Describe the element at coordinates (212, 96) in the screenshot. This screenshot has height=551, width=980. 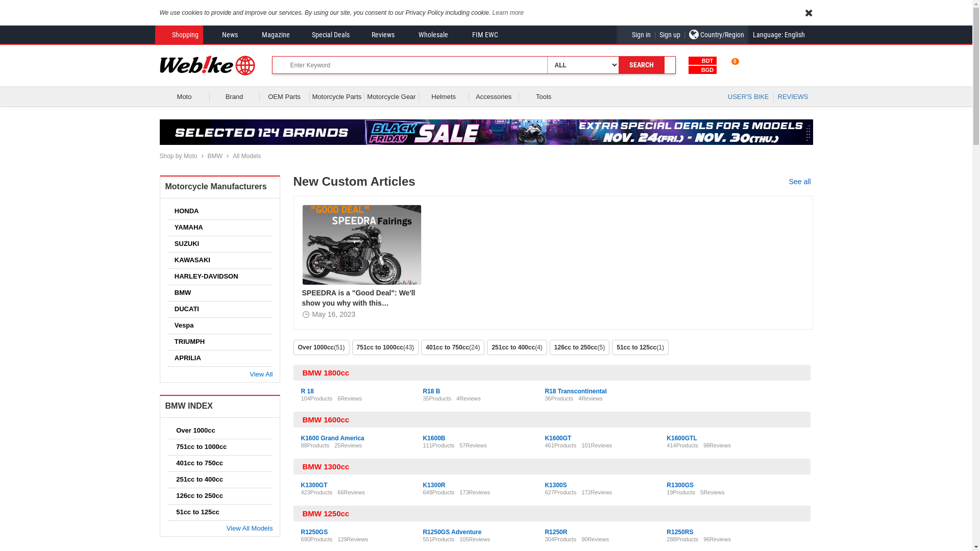
I see `'Brand'` at that location.